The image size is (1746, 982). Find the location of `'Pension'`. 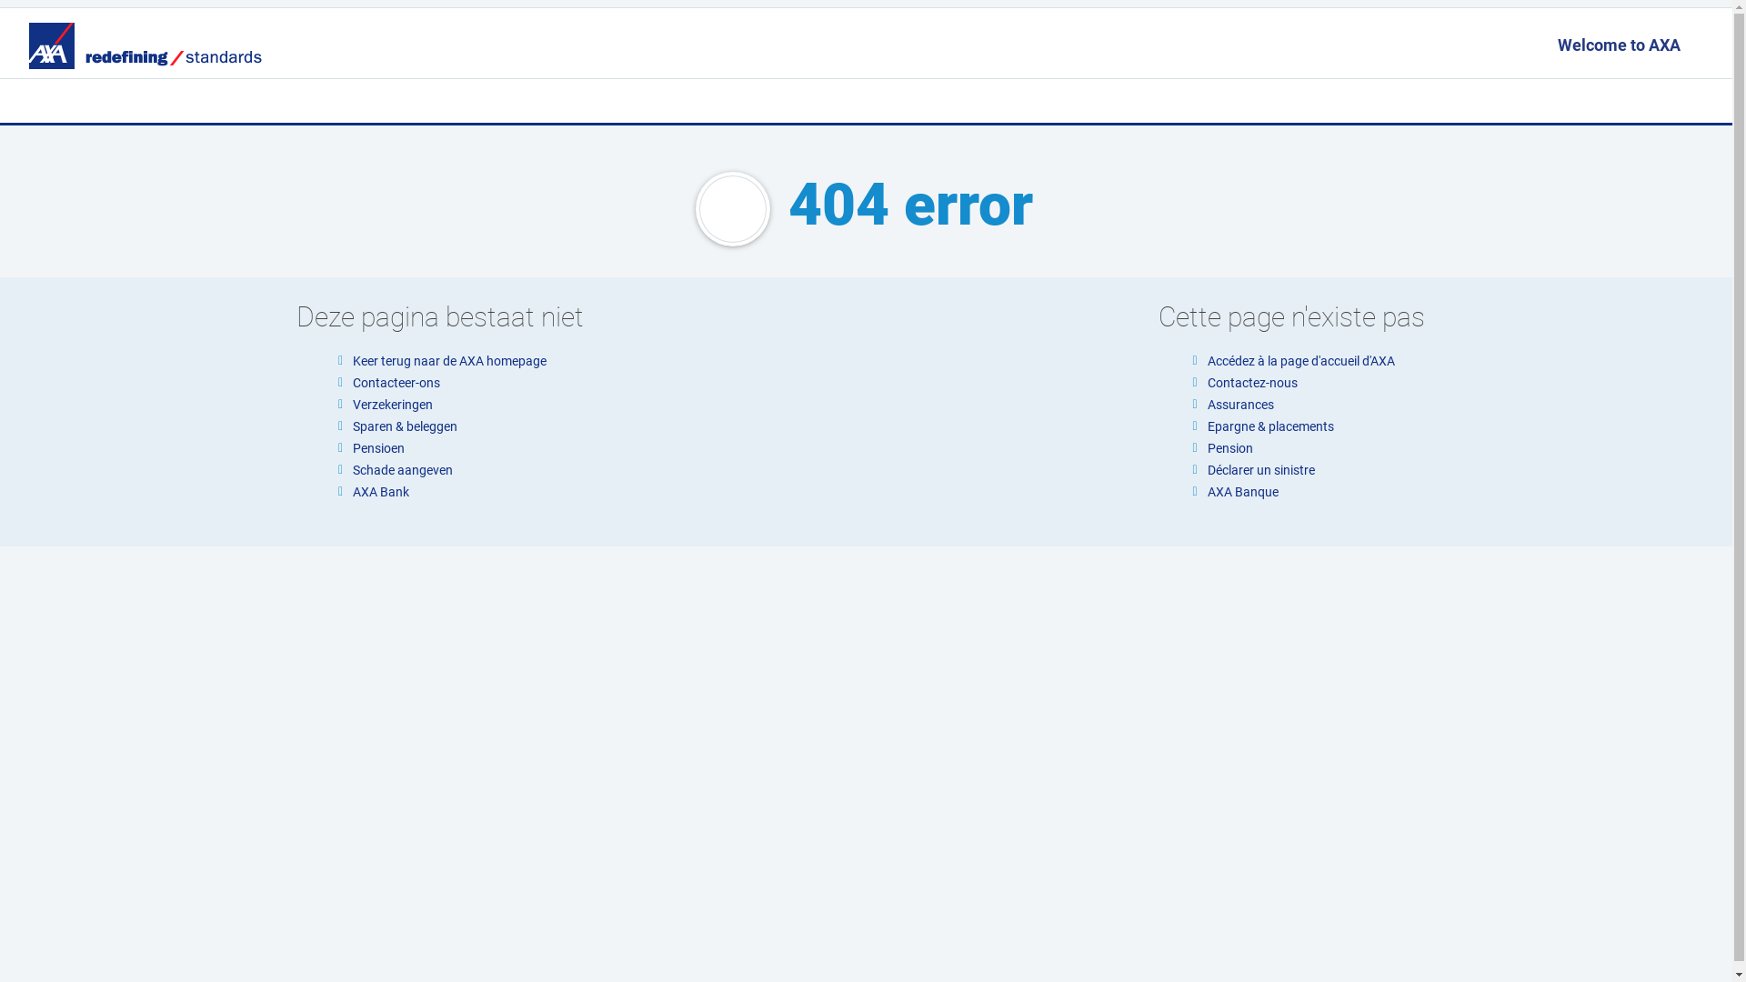

'Pension' is located at coordinates (1230, 448).